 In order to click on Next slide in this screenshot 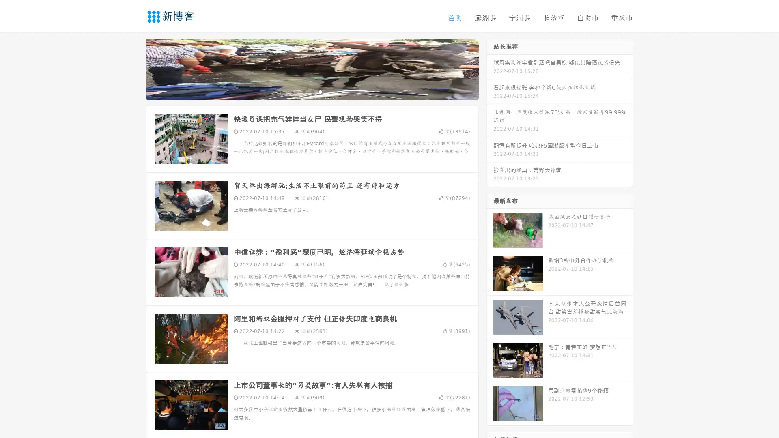, I will do `click(490, 68)`.